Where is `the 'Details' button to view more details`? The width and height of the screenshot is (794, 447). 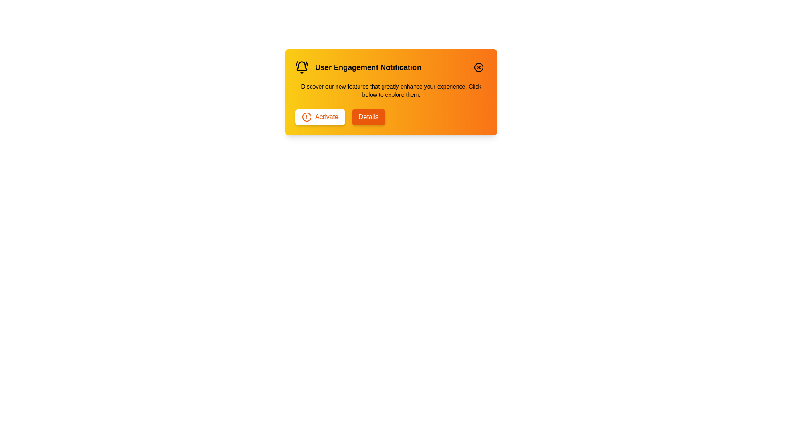
the 'Details' button to view more details is located at coordinates (368, 117).